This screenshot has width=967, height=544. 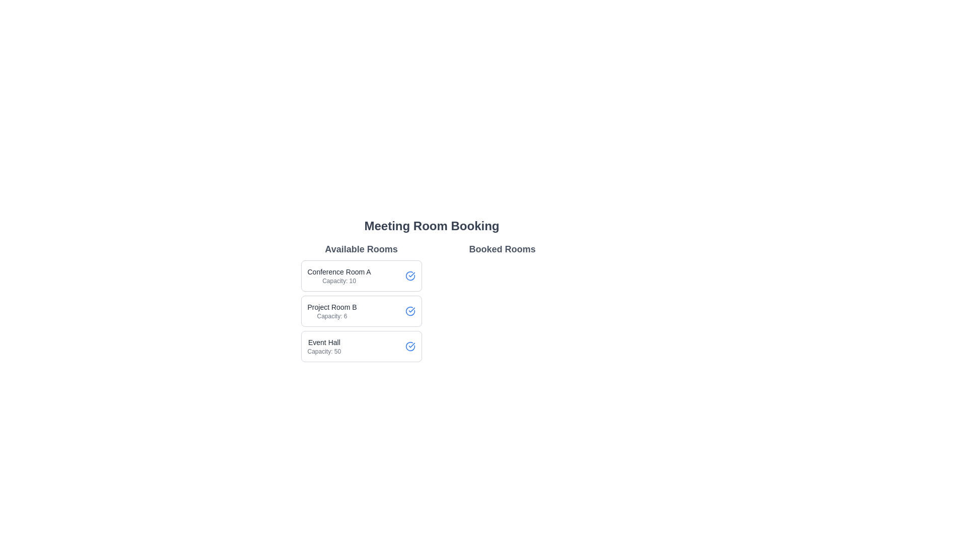 I want to click on the informational Text Label indicating the capacity of 'Conference Room A', which is located underneath the label within the first card displaying information about the room, so click(x=339, y=281).